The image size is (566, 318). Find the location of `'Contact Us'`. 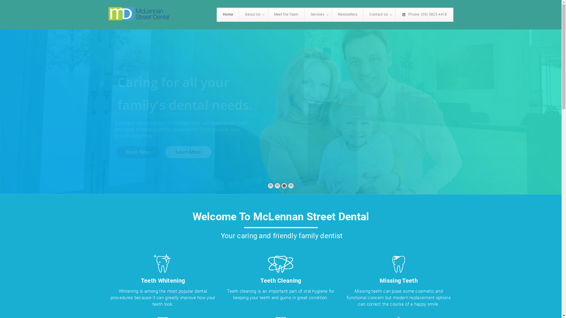

'Contact Us' is located at coordinates (363, 14).